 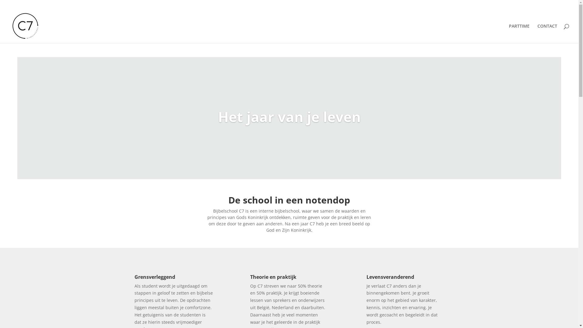 I want to click on 'PARTTIME', so click(x=519, y=33).